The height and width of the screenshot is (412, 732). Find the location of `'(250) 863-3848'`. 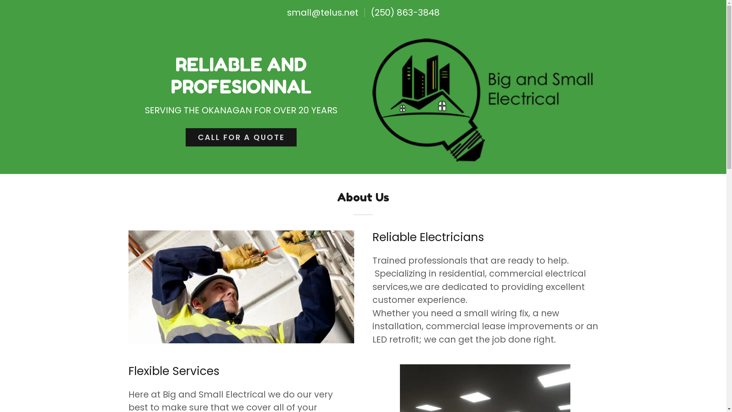

'(250) 863-3848' is located at coordinates (404, 13).